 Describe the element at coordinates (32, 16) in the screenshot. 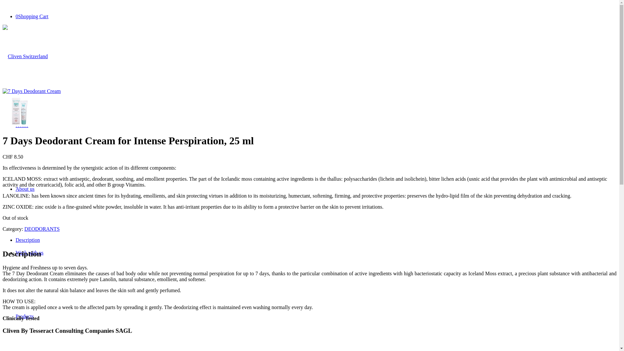

I see `'0Shopping Cart'` at that location.